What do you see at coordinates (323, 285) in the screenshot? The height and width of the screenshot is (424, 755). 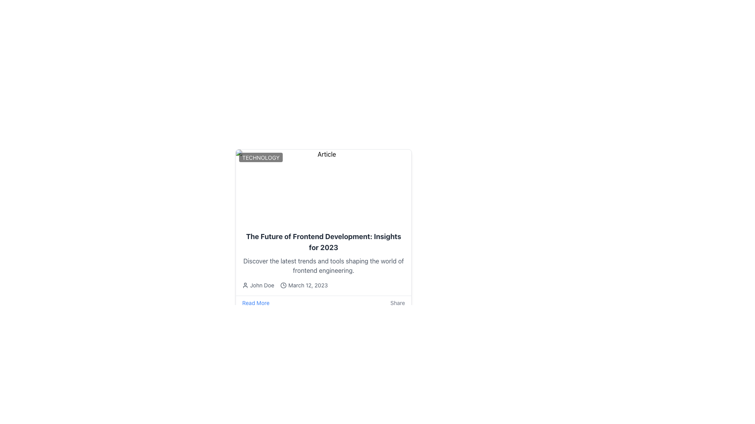 I see `the informational text element displaying the author's name 'John Doe' and the publication date 'March 12, 2023', which is styled in gray font and located below the article title and summary text` at bounding box center [323, 285].